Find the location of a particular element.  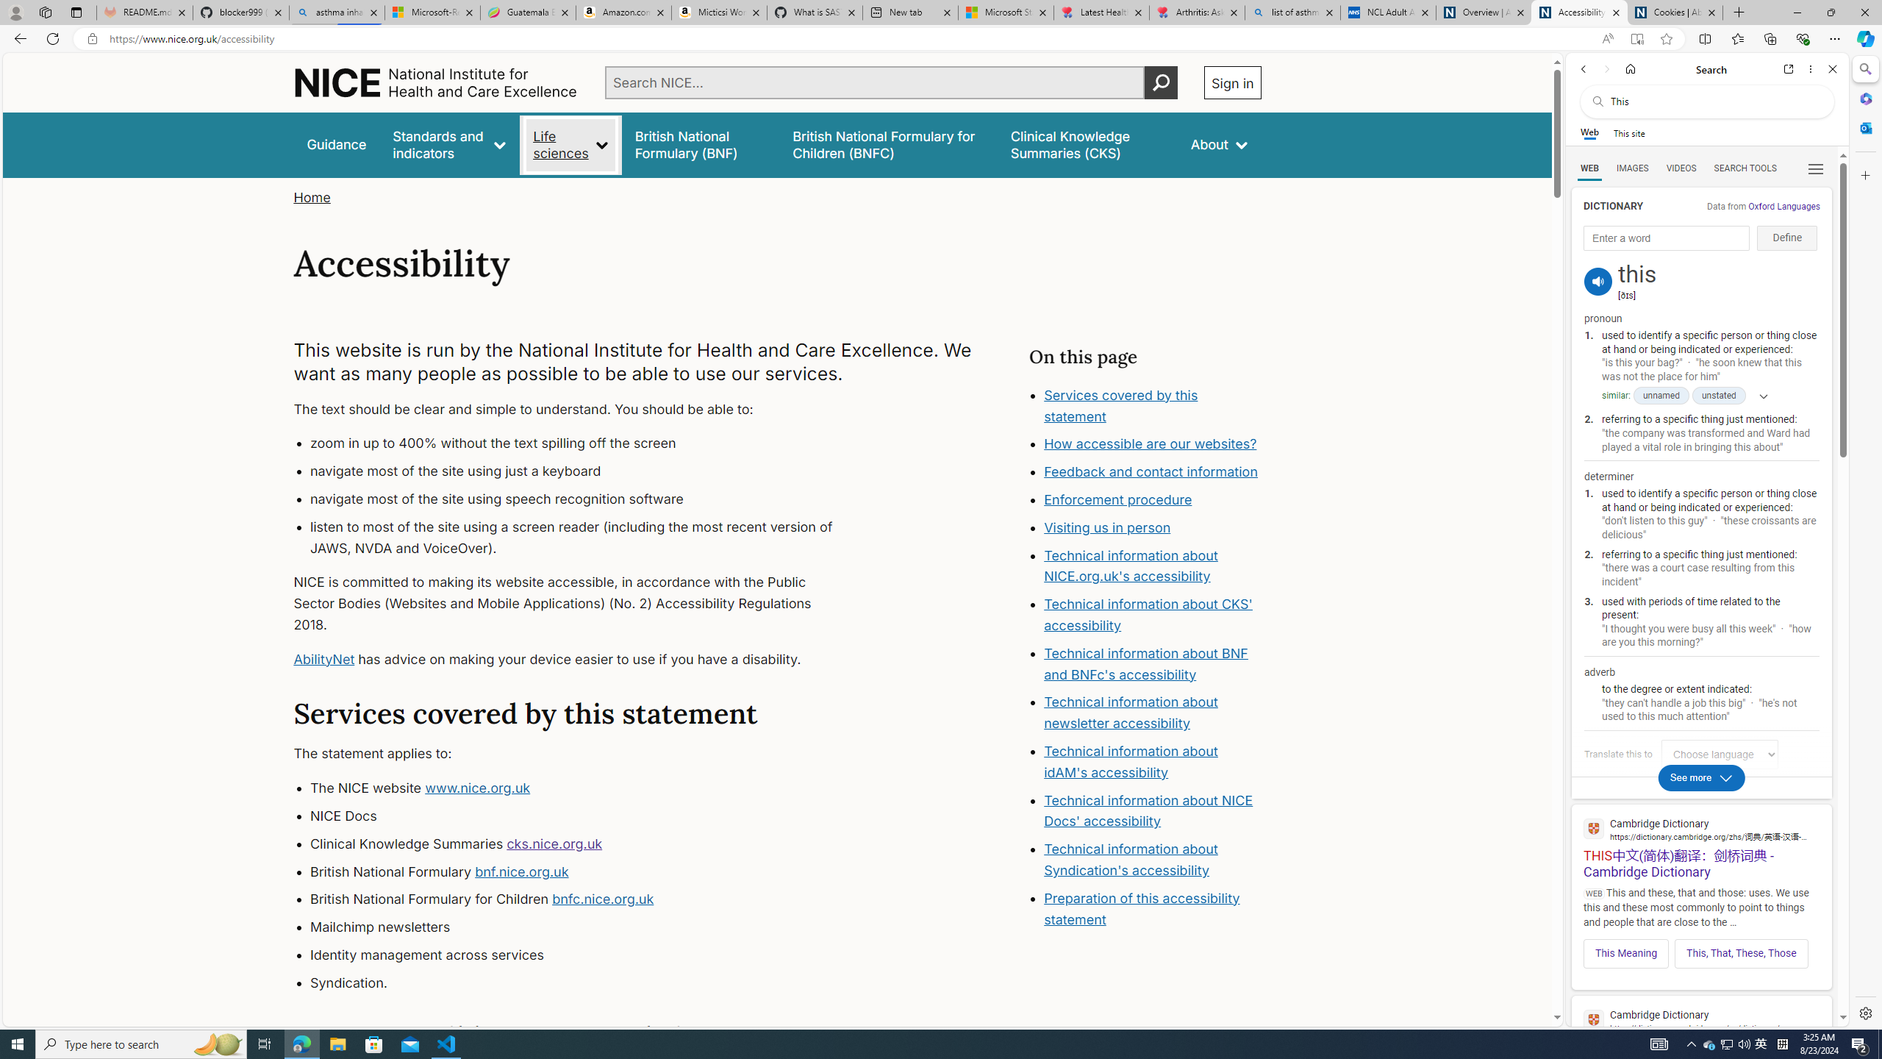

'Translate this to Choose language' is located at coordinates (1718, 754).